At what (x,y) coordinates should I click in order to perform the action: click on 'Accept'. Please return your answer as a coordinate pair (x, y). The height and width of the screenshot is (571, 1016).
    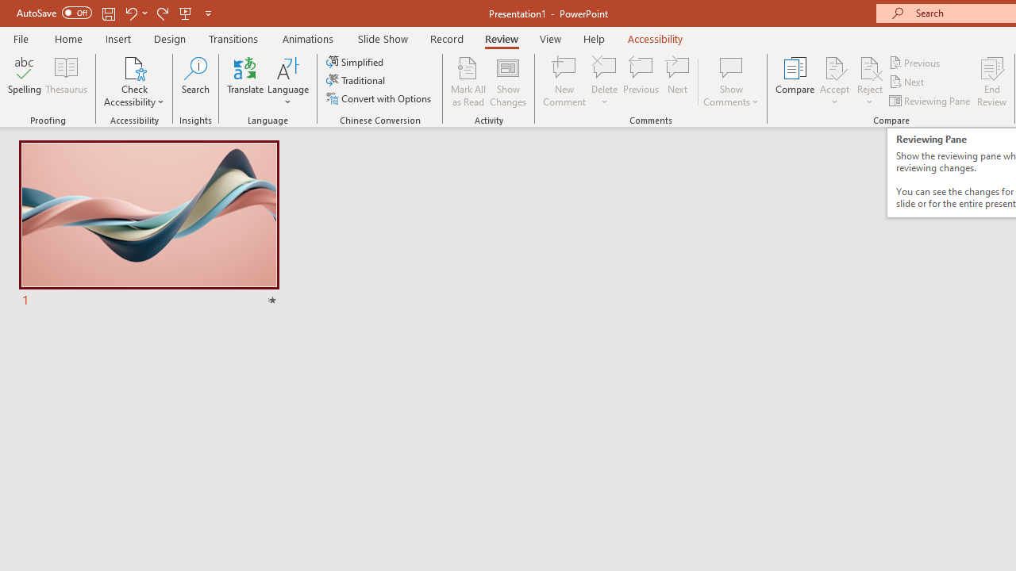
    Looking at the image, I should click on (833, 82).